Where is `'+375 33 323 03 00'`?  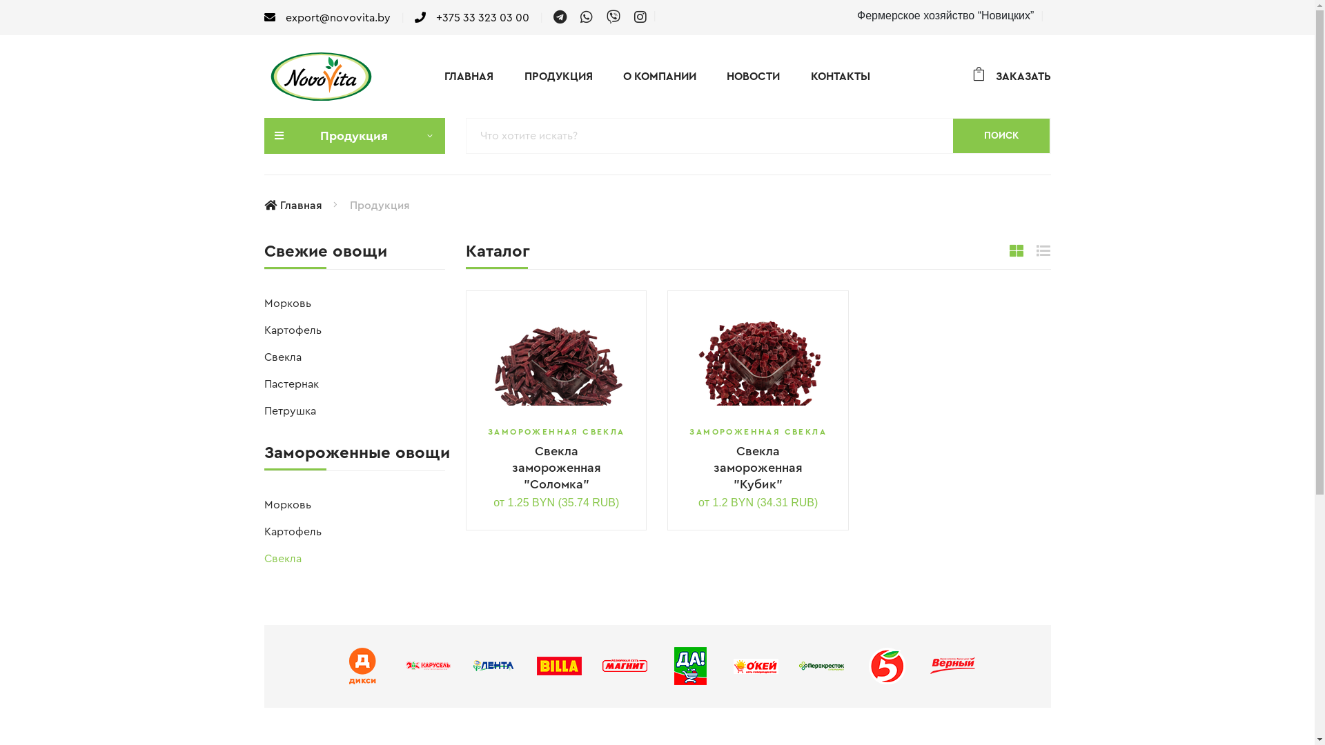
'+375 33 323 03 00' is located at coordinates (413, 17).